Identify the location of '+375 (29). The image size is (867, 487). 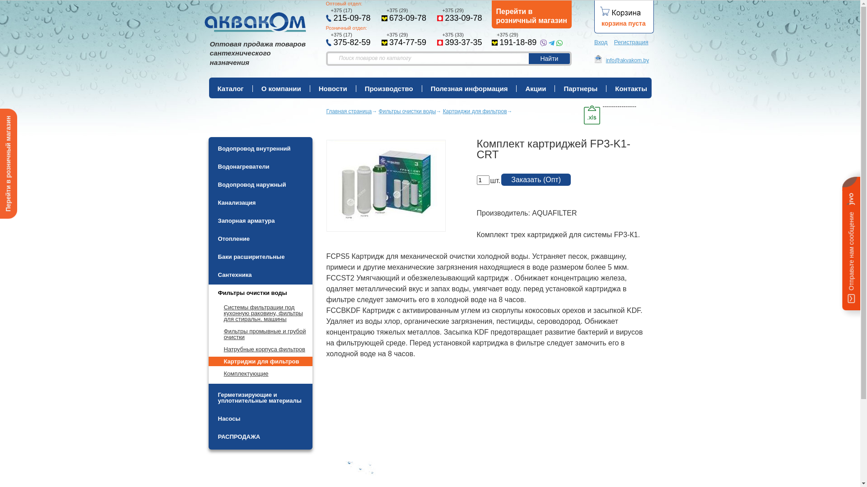
(514, 39).